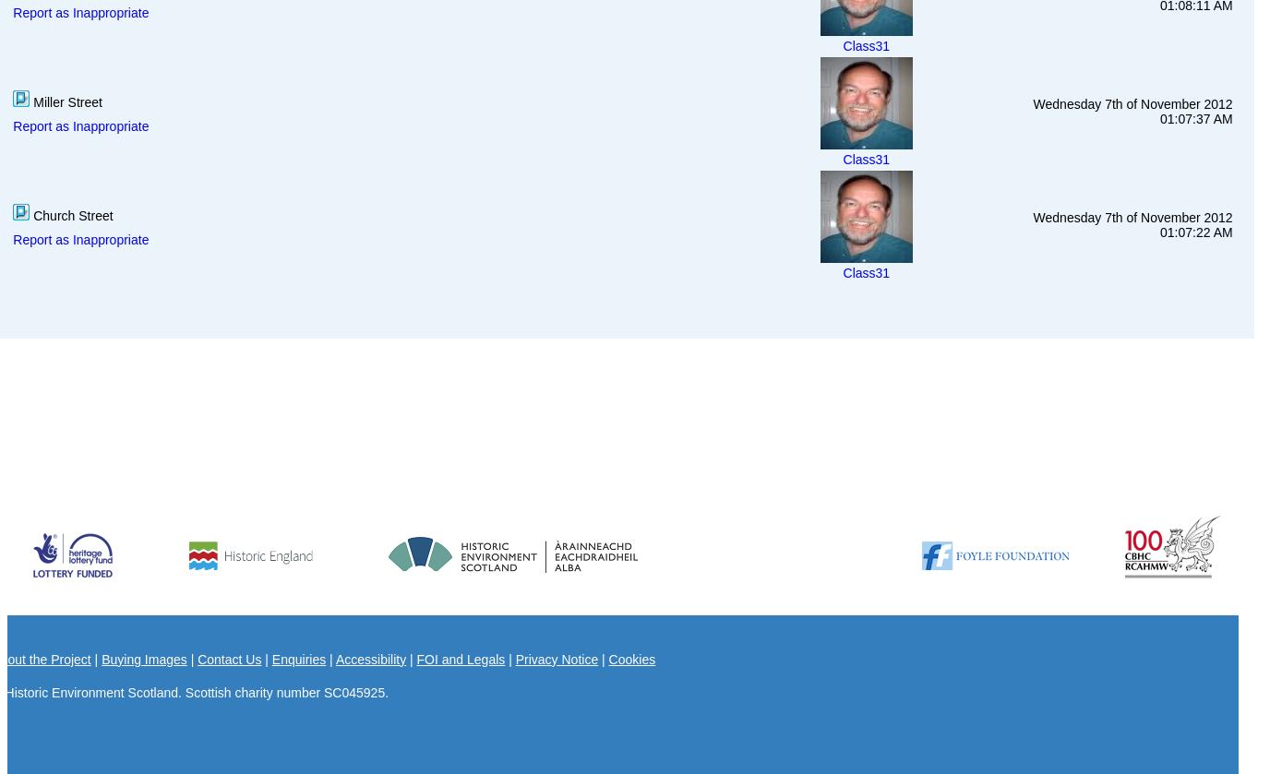  Describe the element at coordinates (197, 657) in the screenshot. I see `'Contact Us'` at that location.